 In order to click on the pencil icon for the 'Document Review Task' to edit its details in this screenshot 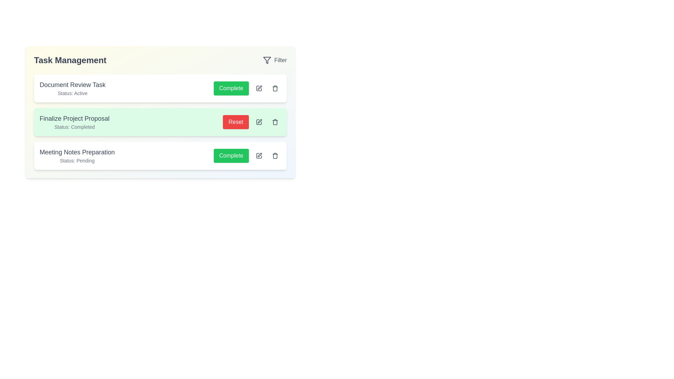, I will do `click(259, 88)`.